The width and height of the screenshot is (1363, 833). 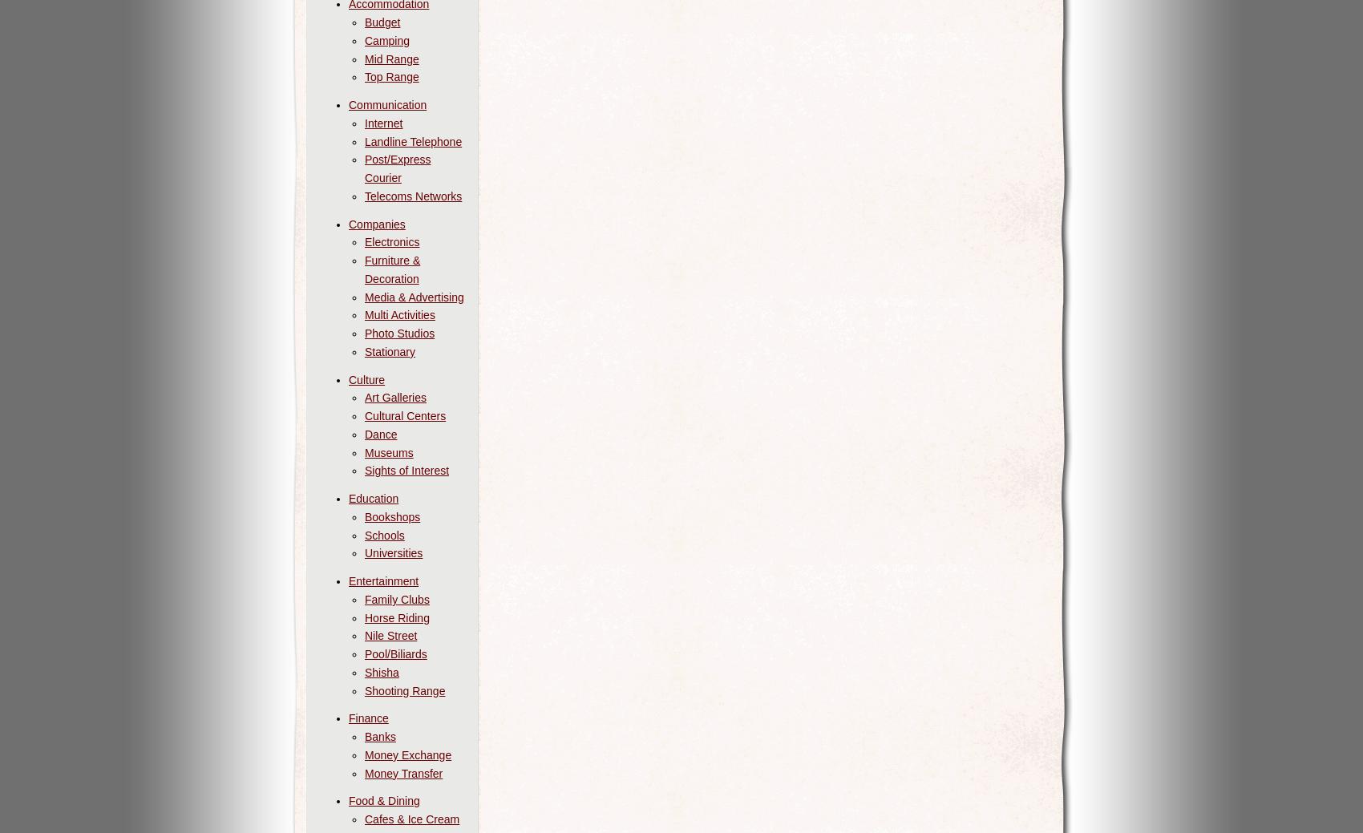 I want to click on 'Landline Telephone', so click(x=413, y=141).